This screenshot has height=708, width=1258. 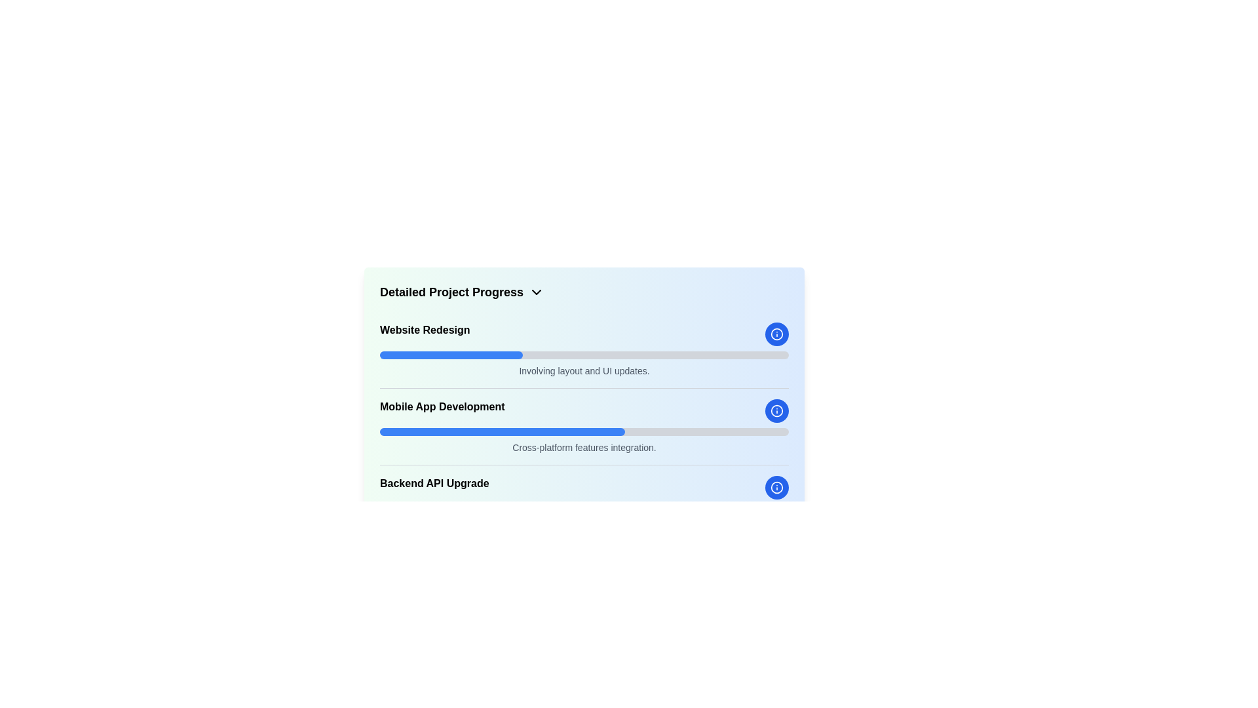 I want to click on the circular information icon with a blue background and white 'i' symbol, positioned to the right of the progress bars, next to the 'Backend API Upgrade' task, to interact via keyboard navigation, so click(x=776, y=488).